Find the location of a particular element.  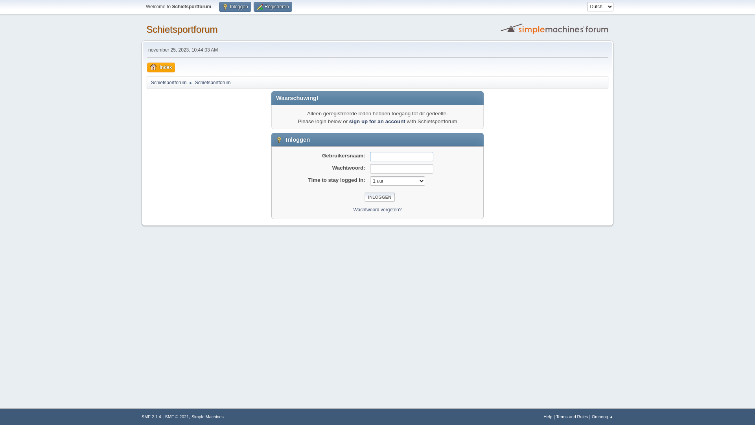

'Wachtwoord vergeten?' is located at coordinates (377, 209).